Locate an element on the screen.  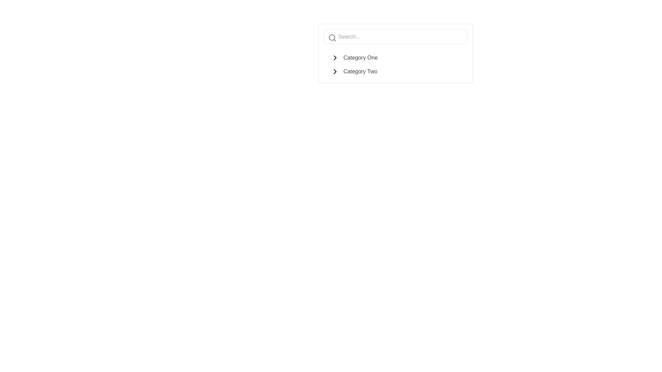
the collapsible icon located to the left of the text 'Category Two', which serves as an indicator for navigation or expansion is located at coordinates (335, 72).